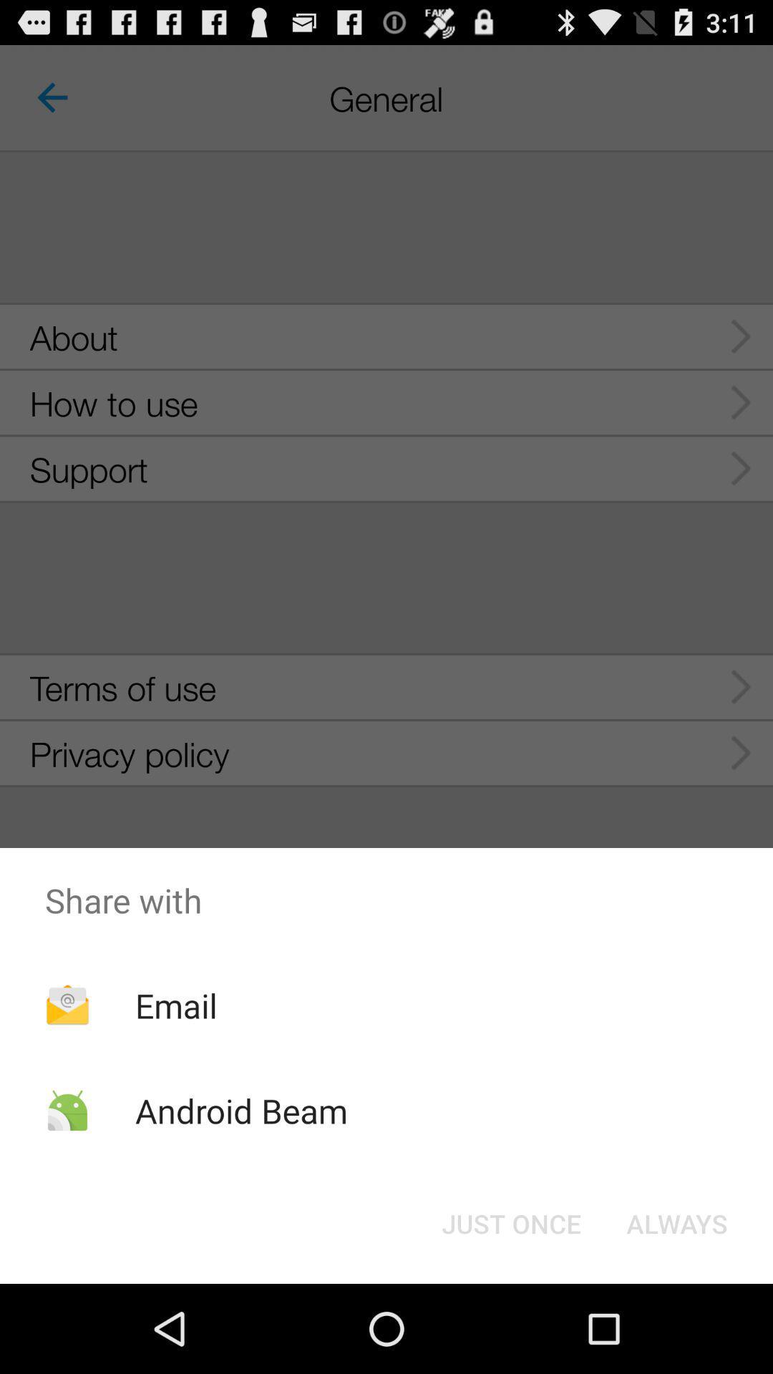 Image resolution: width=773 pixels, height=1374 pixels. I want to click on item below share with item, so click(676, 1222).